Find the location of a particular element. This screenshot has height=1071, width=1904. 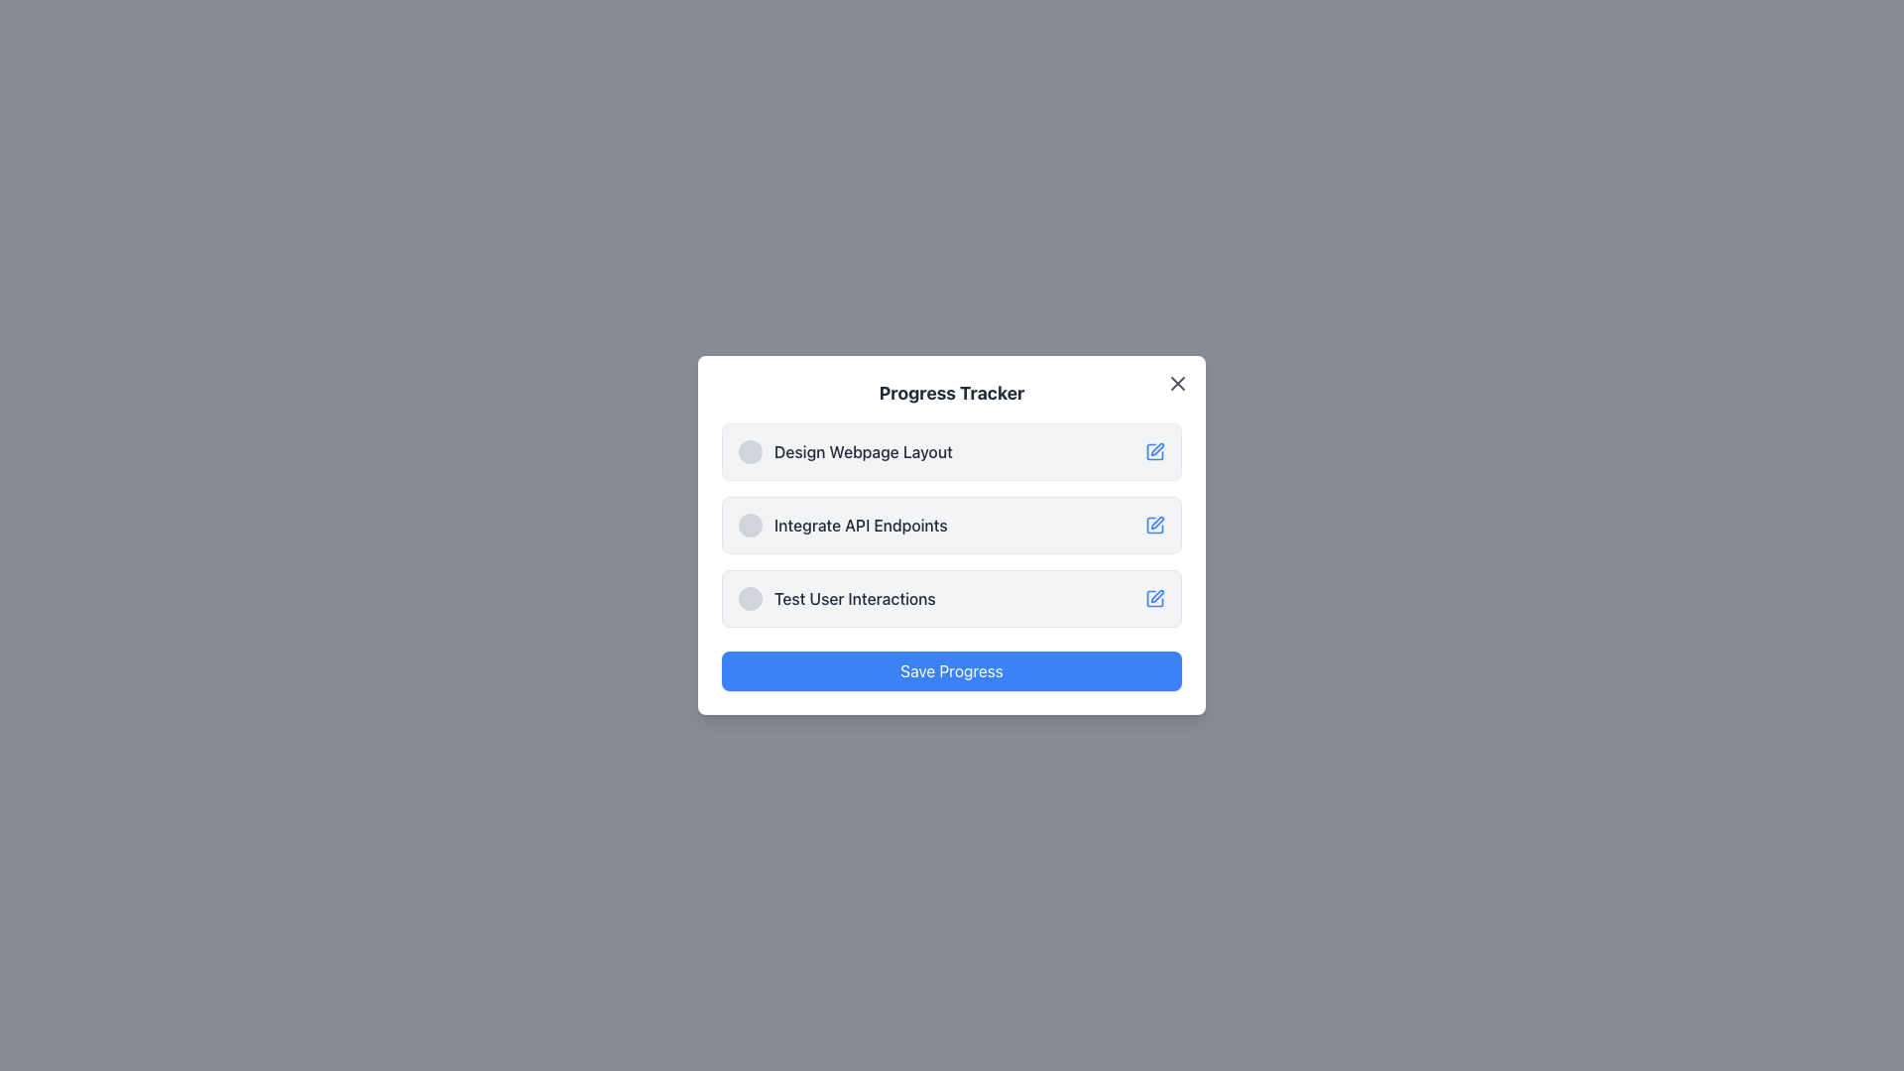

the third Text Label in the Progress Tracker panel, which provides context or information as part of a progress tracker interface is located at coordinates (837, 598).